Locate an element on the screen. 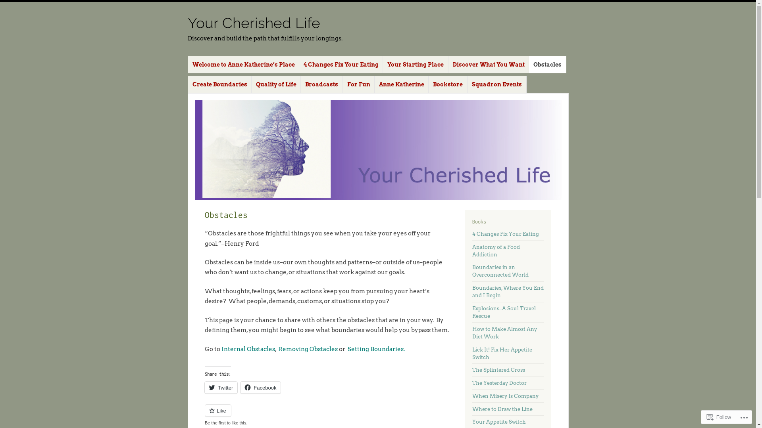  'Lick It! Fix Her Appetite Switch' is located at coordinates (472, 353).